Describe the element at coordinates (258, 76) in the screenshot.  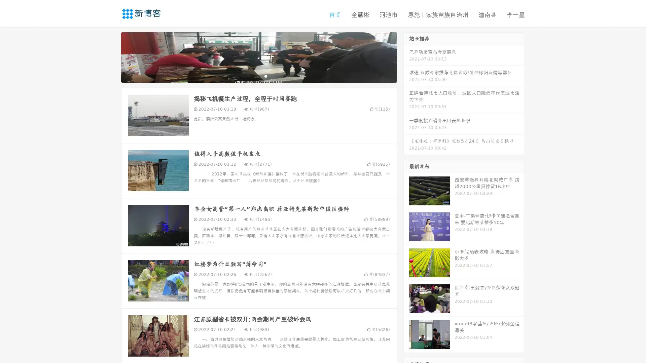
I see `Go to slide 2` at that location.